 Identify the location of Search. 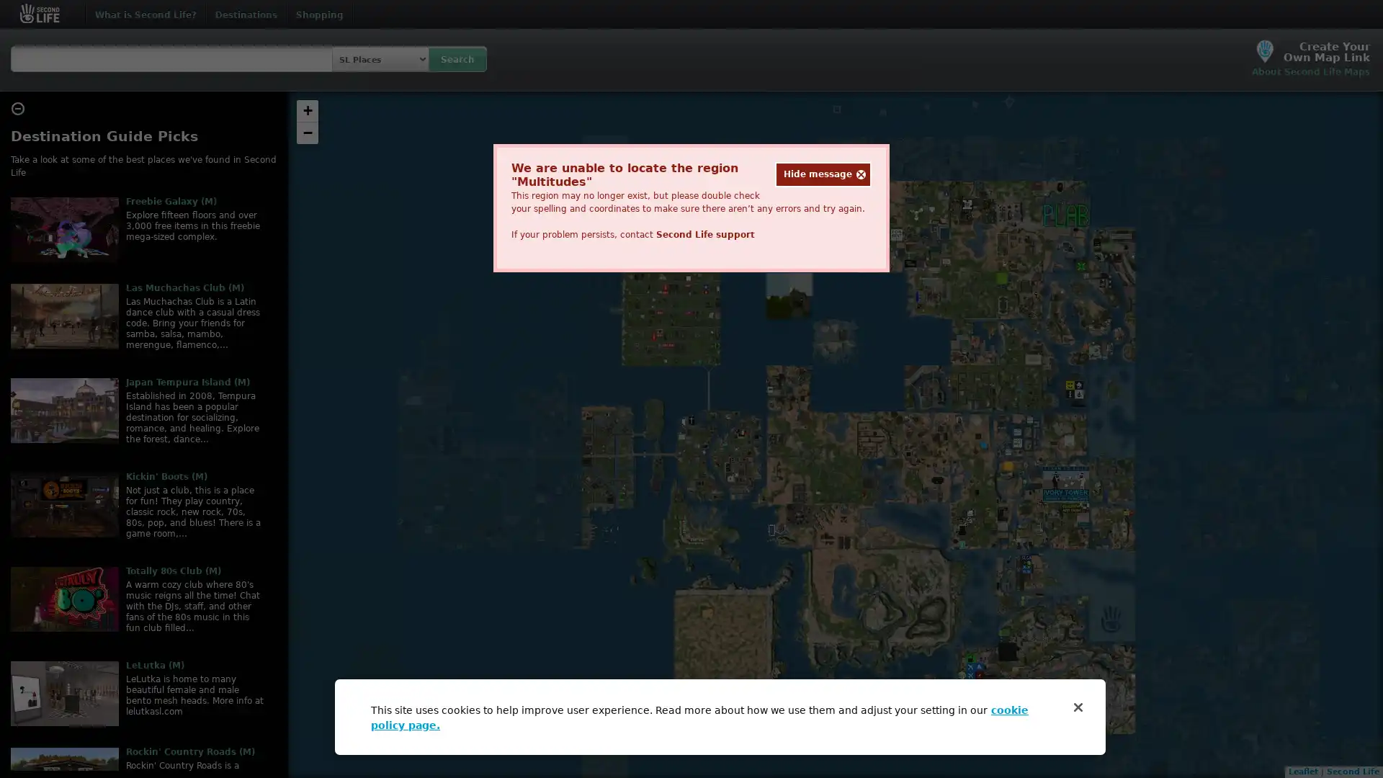
(457, 60).